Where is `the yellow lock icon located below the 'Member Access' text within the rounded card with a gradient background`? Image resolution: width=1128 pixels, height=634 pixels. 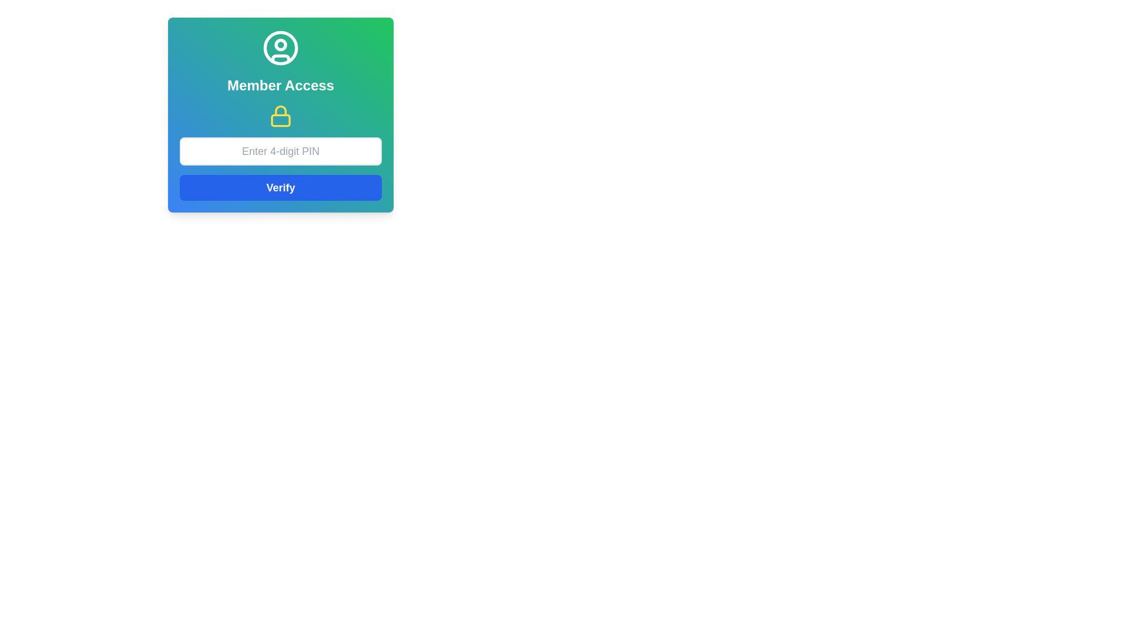 the yellow lock icon located below the 'Member Access' text within the rounded card with a gradient background is located at coordinates (280, 115).